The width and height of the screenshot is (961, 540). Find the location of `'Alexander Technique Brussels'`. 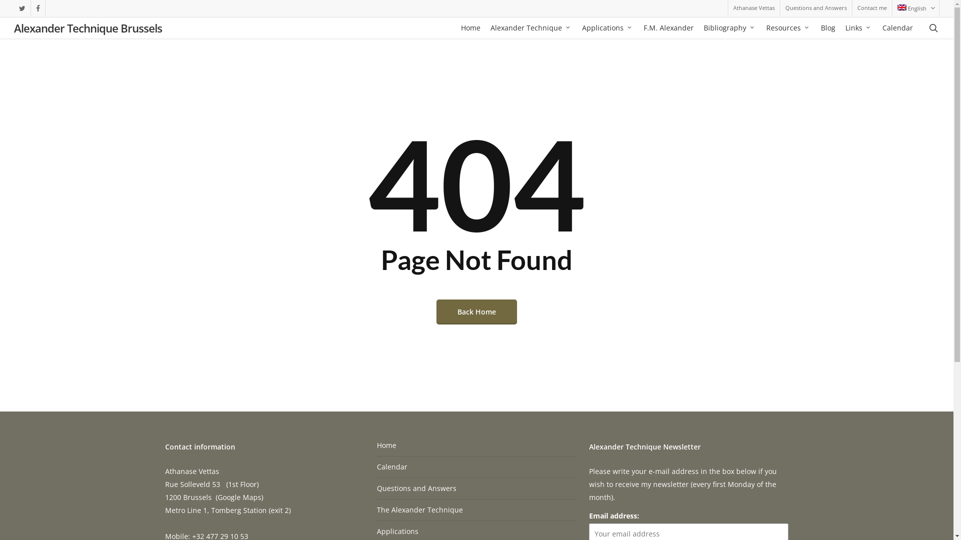

'Alexander Technique Brussels' is located at coordinates (88, 27).